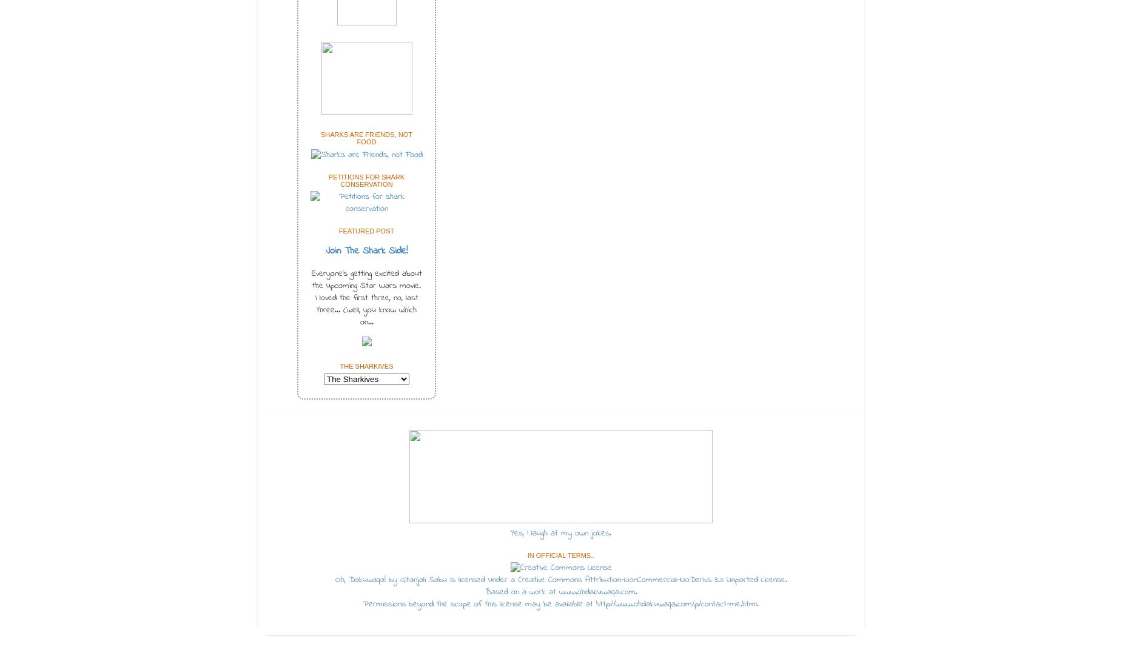 This screenshot has width=1122, height=647. Describe the element at coordinates (561, 532) in the screenshot. I see `'Yes, I laugh at my own jokes.'` at that location.